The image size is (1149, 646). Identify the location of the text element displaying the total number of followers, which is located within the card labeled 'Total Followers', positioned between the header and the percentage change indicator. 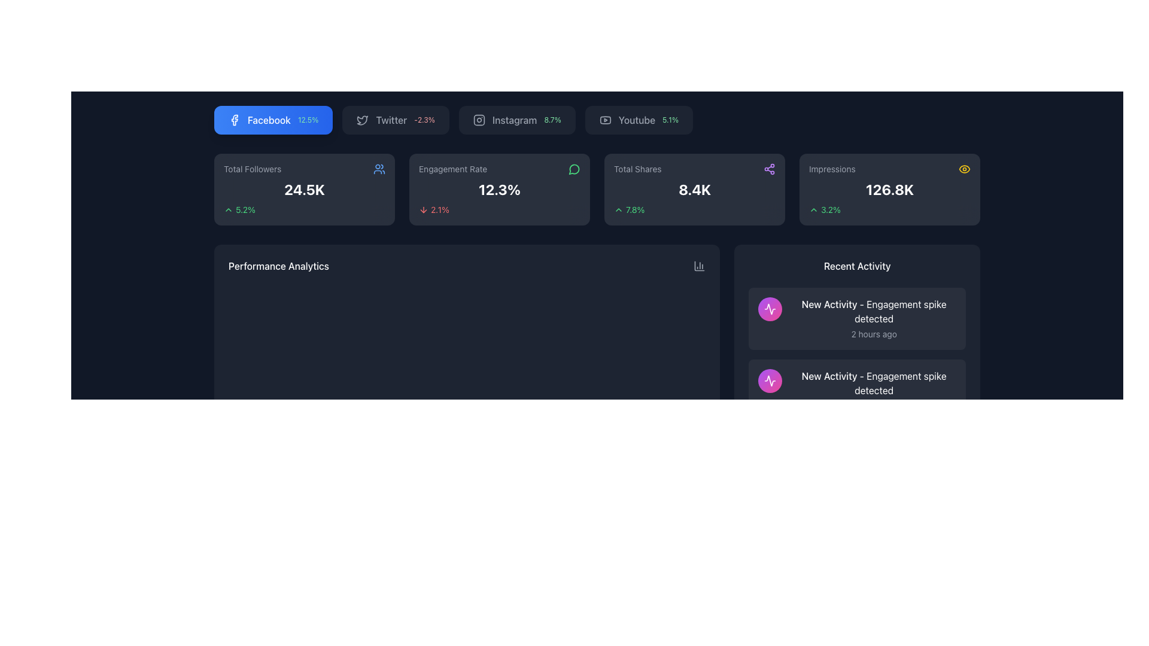
(304, 188).